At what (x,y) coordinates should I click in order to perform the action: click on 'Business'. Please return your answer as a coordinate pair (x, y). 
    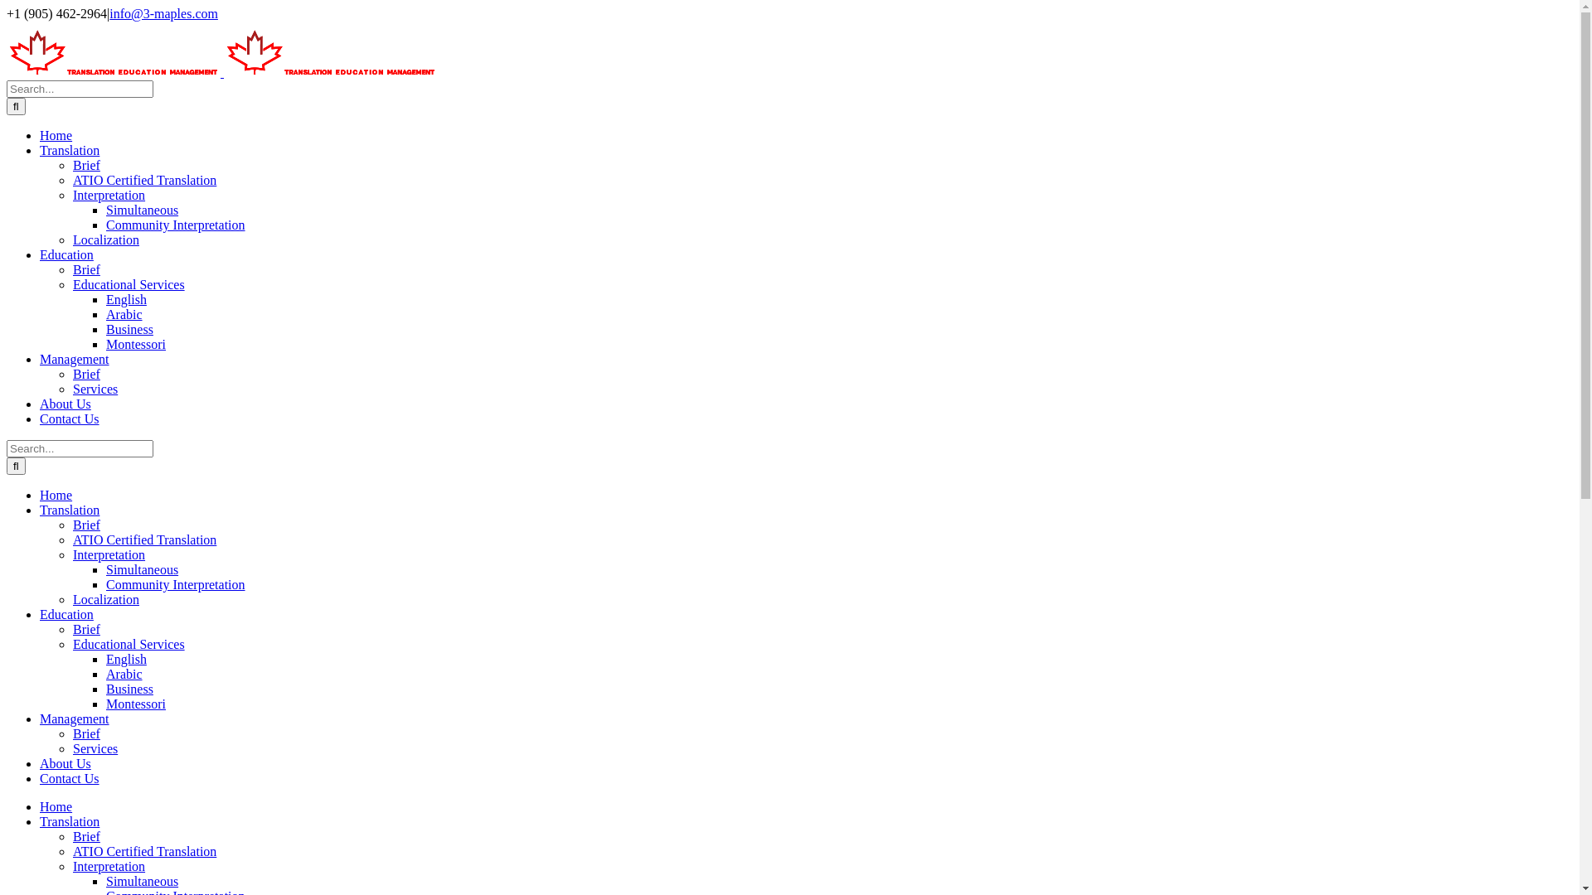
    Looking at the image, I should click on (129, 689).